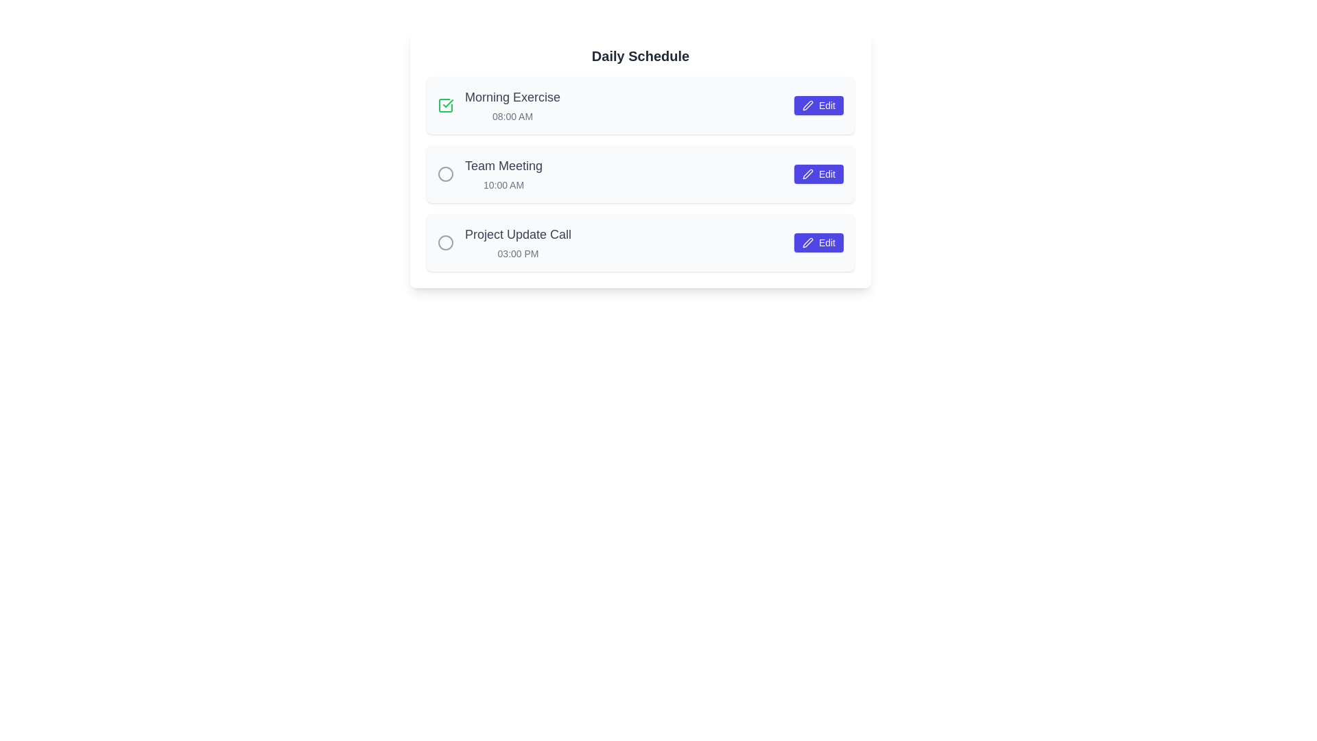 This screenshot has width=1317, height=741. What do you see at coordinates (503, 174) in the screenshot?
I see `the text block displaying 'Team Meeting' with the time '10:00 AM', which is the second item in the daily schedule section` at bounding box center [503, 174].